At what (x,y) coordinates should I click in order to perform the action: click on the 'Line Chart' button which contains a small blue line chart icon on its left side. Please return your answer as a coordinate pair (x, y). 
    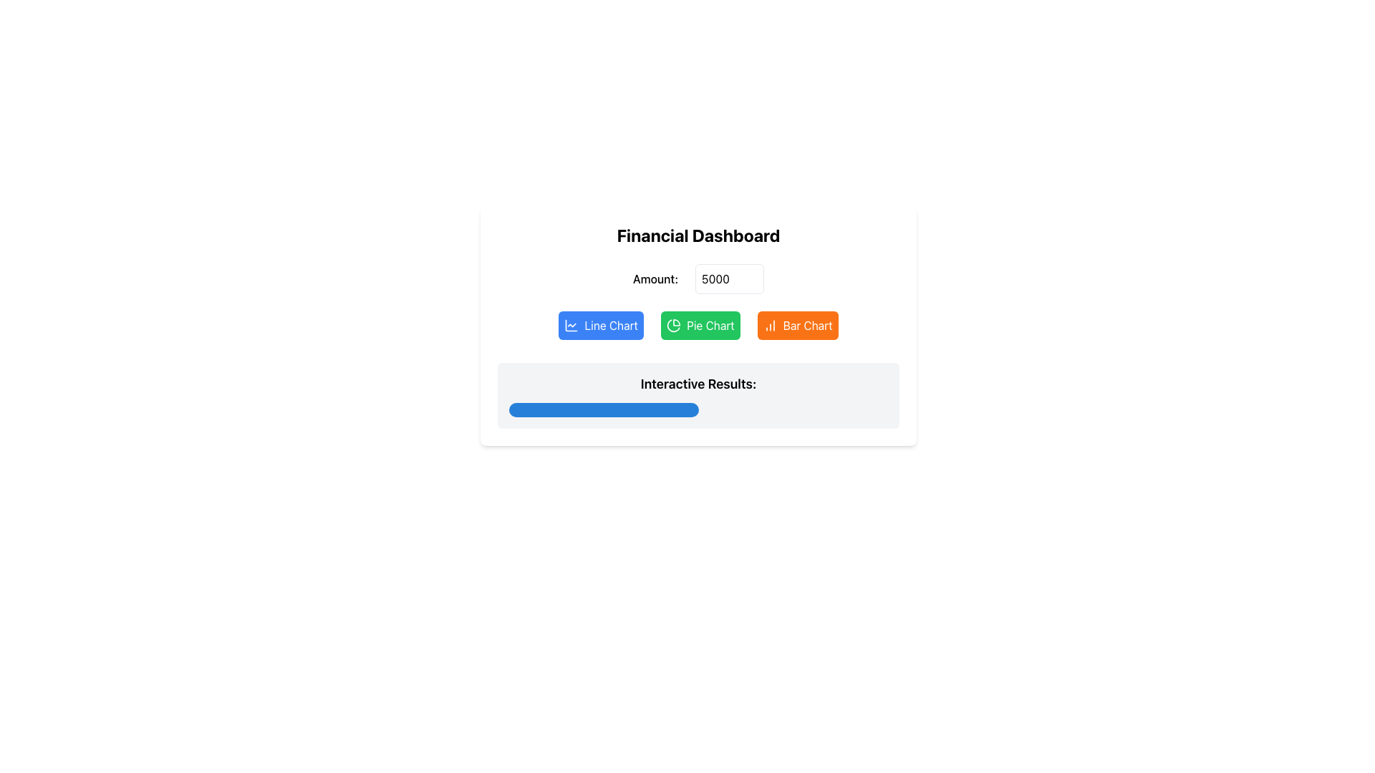
    Looking at the image, I should click on (571, 326).